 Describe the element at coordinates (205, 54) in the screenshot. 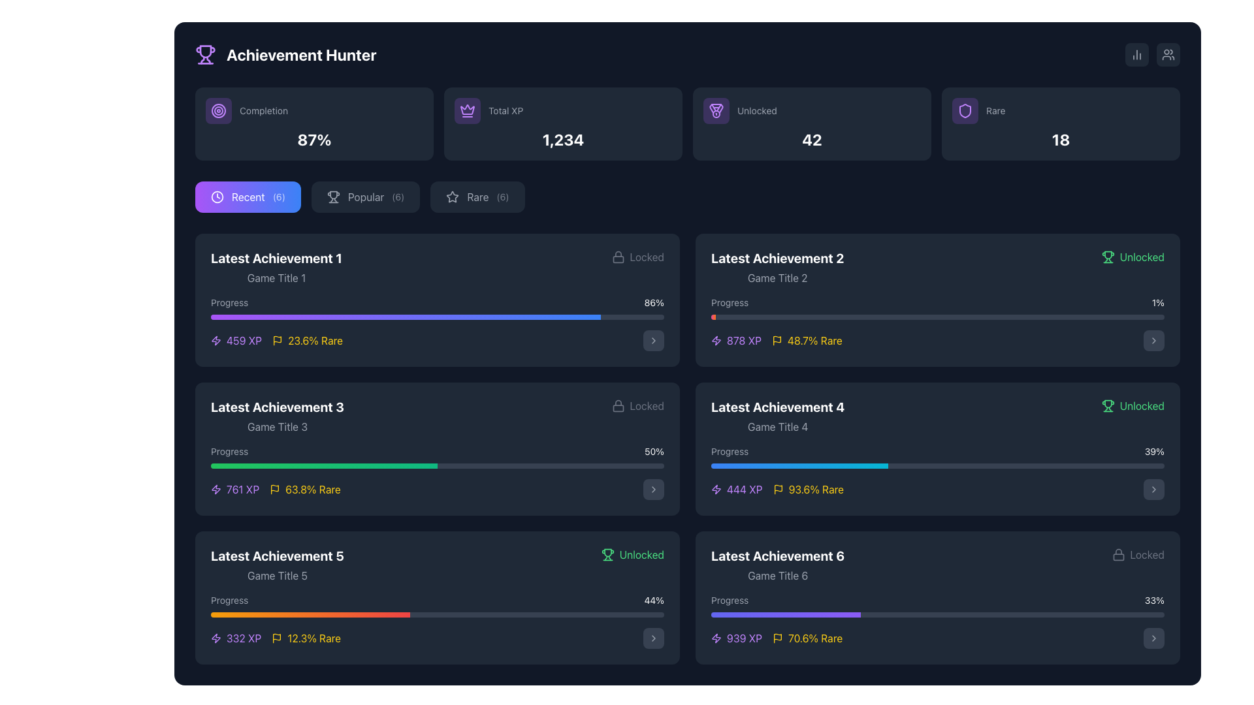

I see `the trophy icon representing the 'Achievement Hunter' section, located at the top left corner of the interface before the 'Achievement Hunter' text` at that location.